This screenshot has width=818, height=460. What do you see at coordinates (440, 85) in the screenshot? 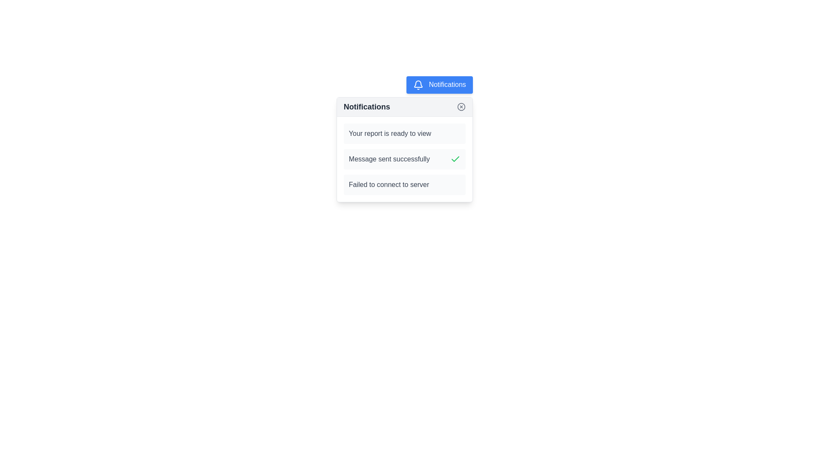
I see `the button at the top of the dropdown menu that toggles the visibility of the notifications panel for additional options` at bounding box center [440, 85].